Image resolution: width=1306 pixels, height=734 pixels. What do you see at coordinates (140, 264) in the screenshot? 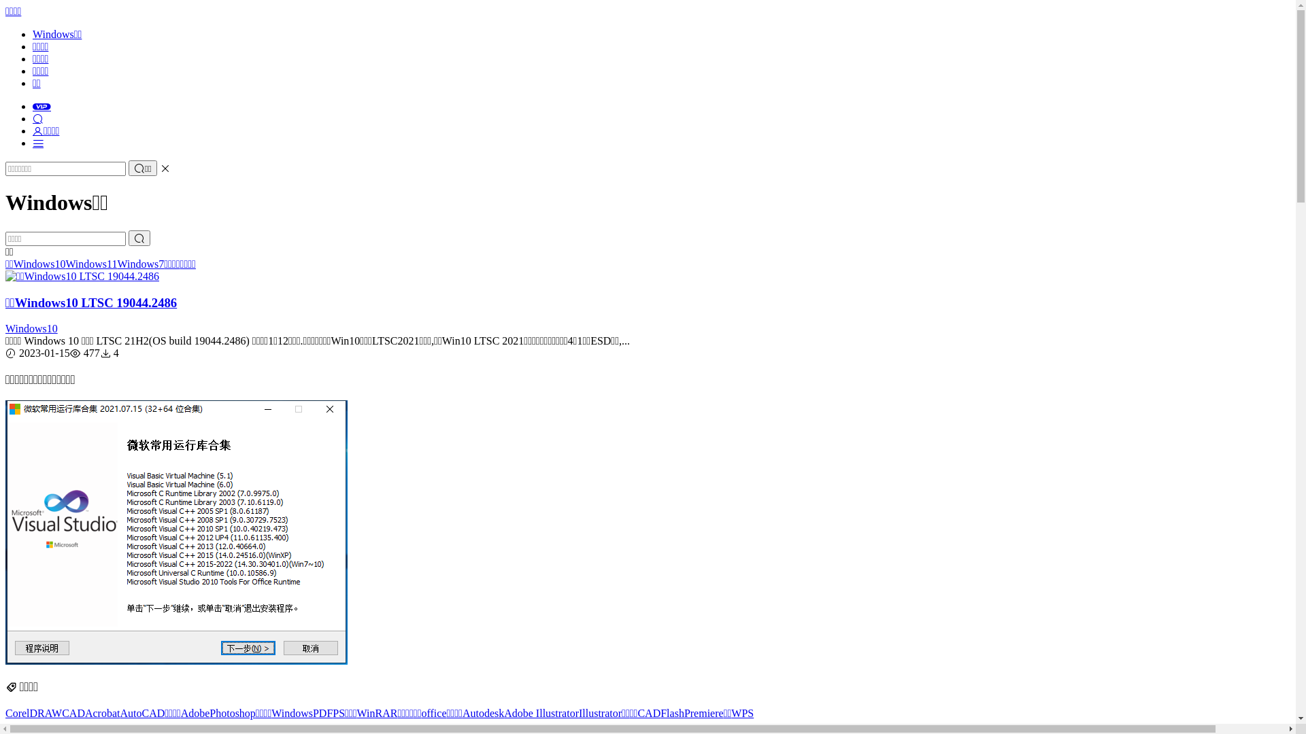
I see `'Windows7'` at bounding box center [140, 264].